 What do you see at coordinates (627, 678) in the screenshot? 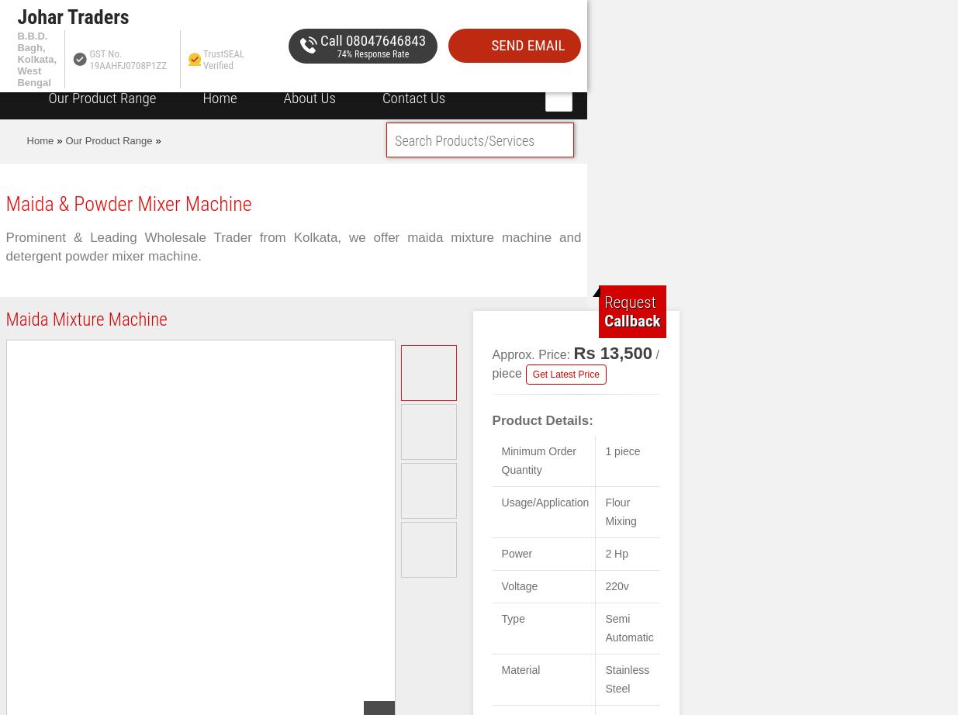
I see `'Stainless Steel'` at bounding box center [627, 678].